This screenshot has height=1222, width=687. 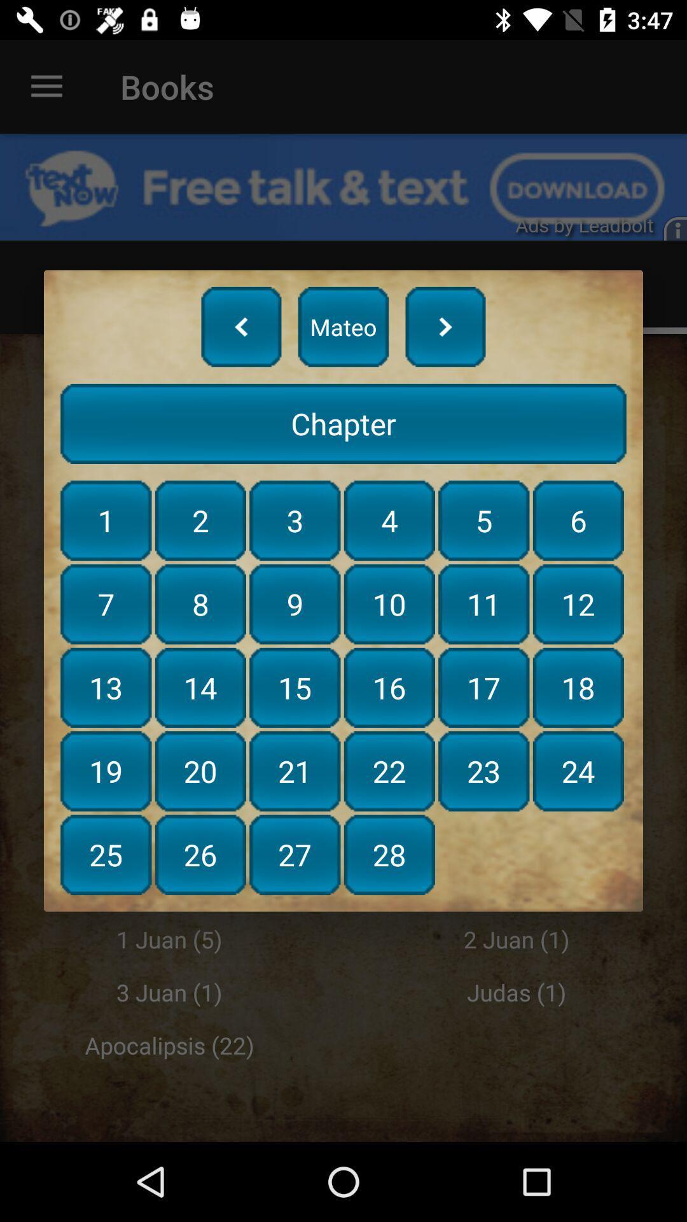 What do you see at coordinates (241, 327) in the screenshot?
I see `go back` at bounding box center [241, 327].